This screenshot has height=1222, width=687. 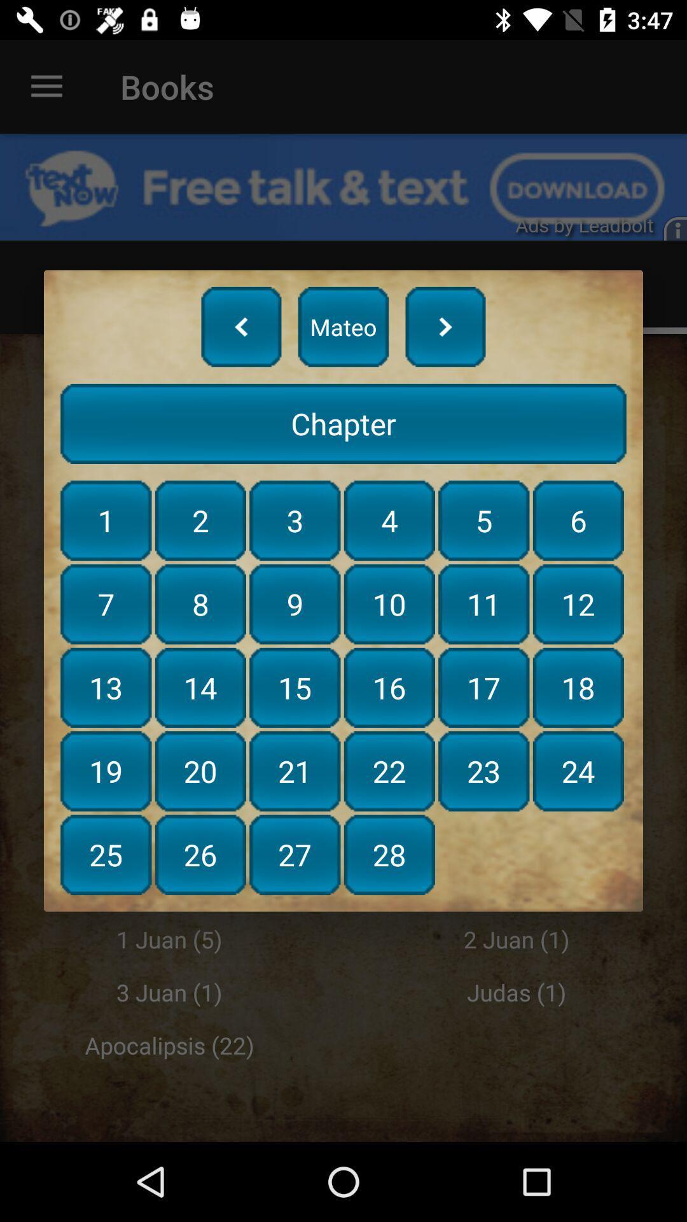 What do you see at coordinates (241, 327) in the screenshot?
I see `go back` at bounding box center [241, 327].